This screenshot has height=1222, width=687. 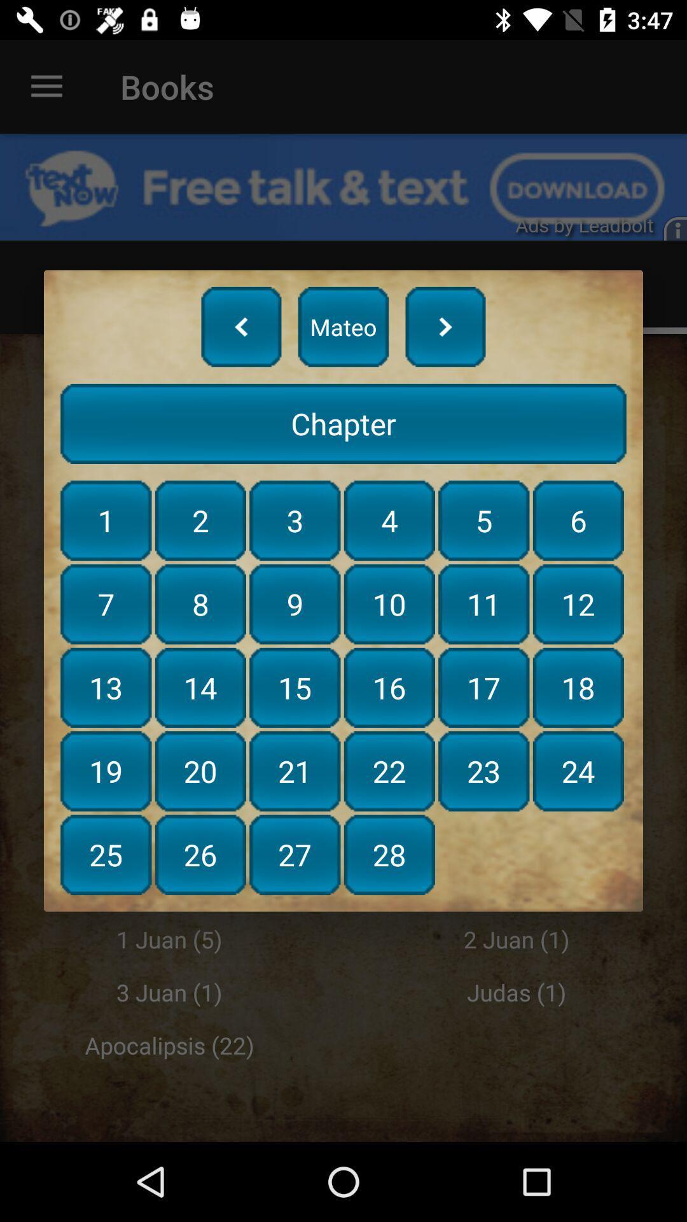 What do you see at coordinates (241, 327) in the screenshot?
I see `go back` at bounding box center [241, 327].